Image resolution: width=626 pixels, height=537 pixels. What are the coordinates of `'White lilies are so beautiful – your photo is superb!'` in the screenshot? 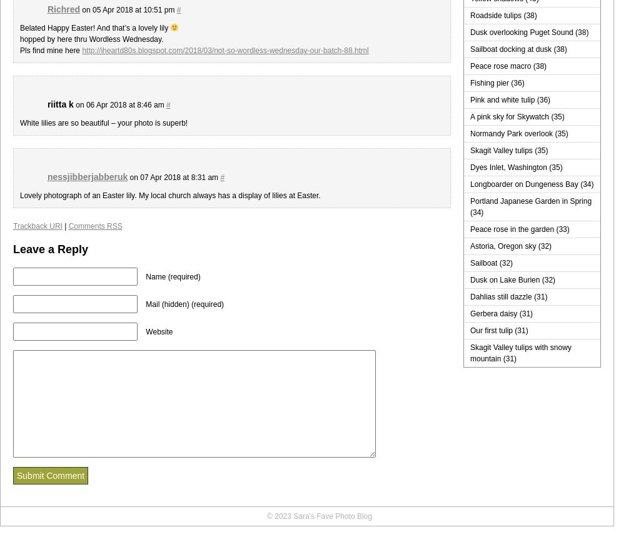 It's located at (20, 123).